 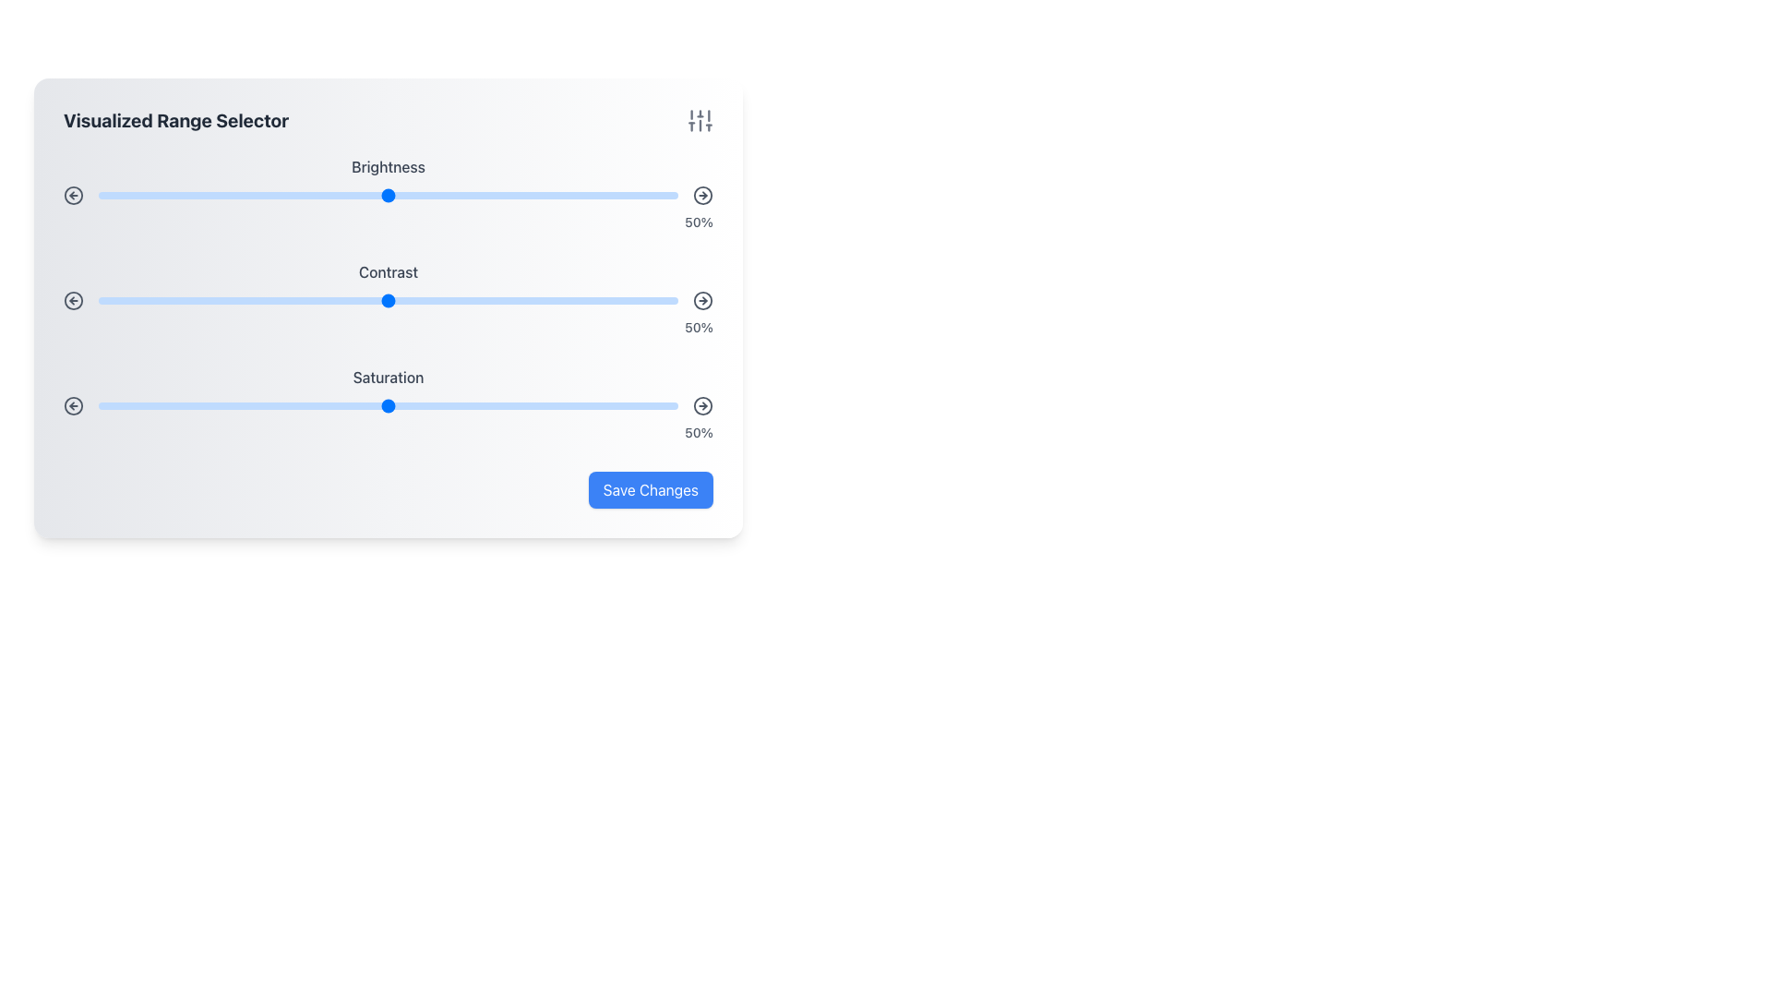 What do you see at coordinates (651, 489) in the screenshot?
I see `the 'Save Changes' button` at bounding box center [651, 489].